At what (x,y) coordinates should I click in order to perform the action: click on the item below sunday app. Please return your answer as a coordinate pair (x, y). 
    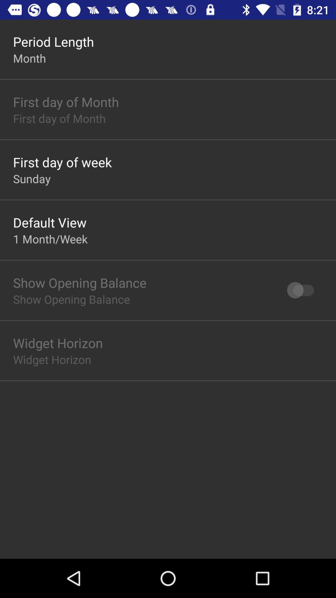
    Looking at the image, I should click on (49, 222).